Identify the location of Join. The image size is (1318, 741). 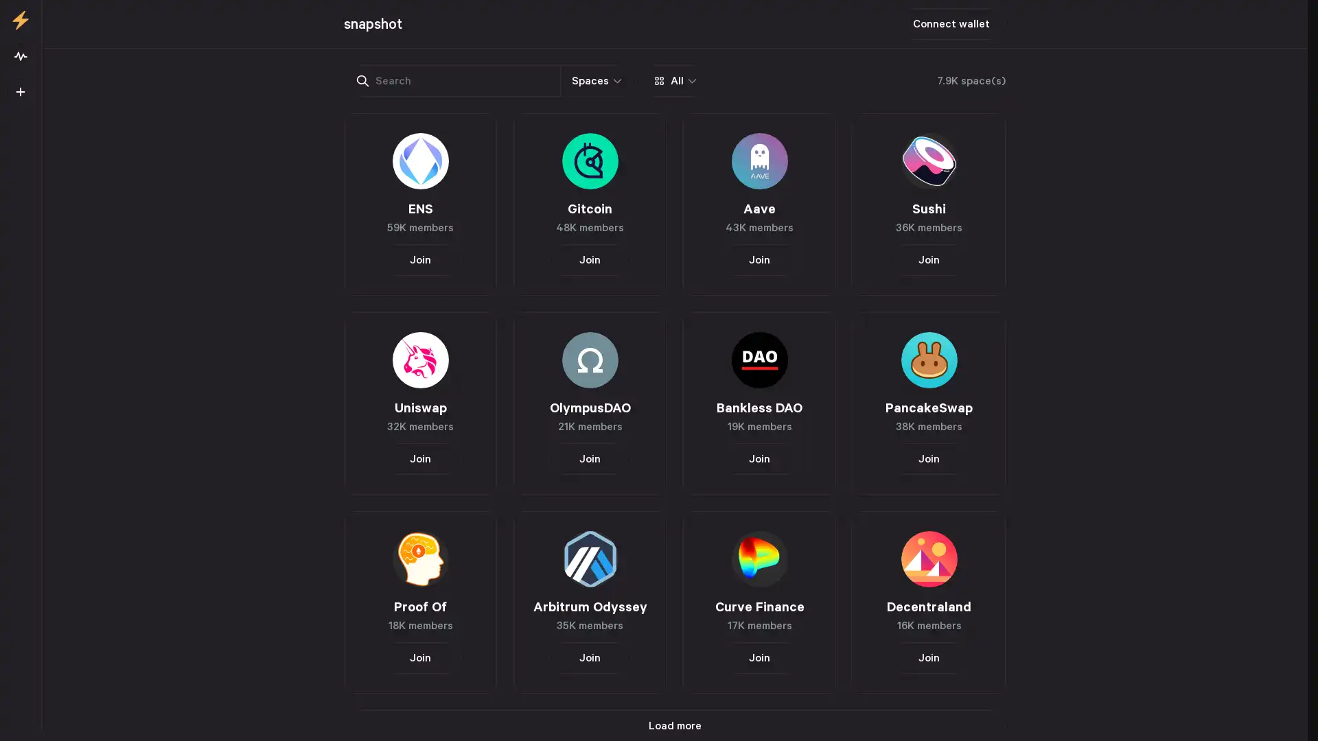
(419, 657).